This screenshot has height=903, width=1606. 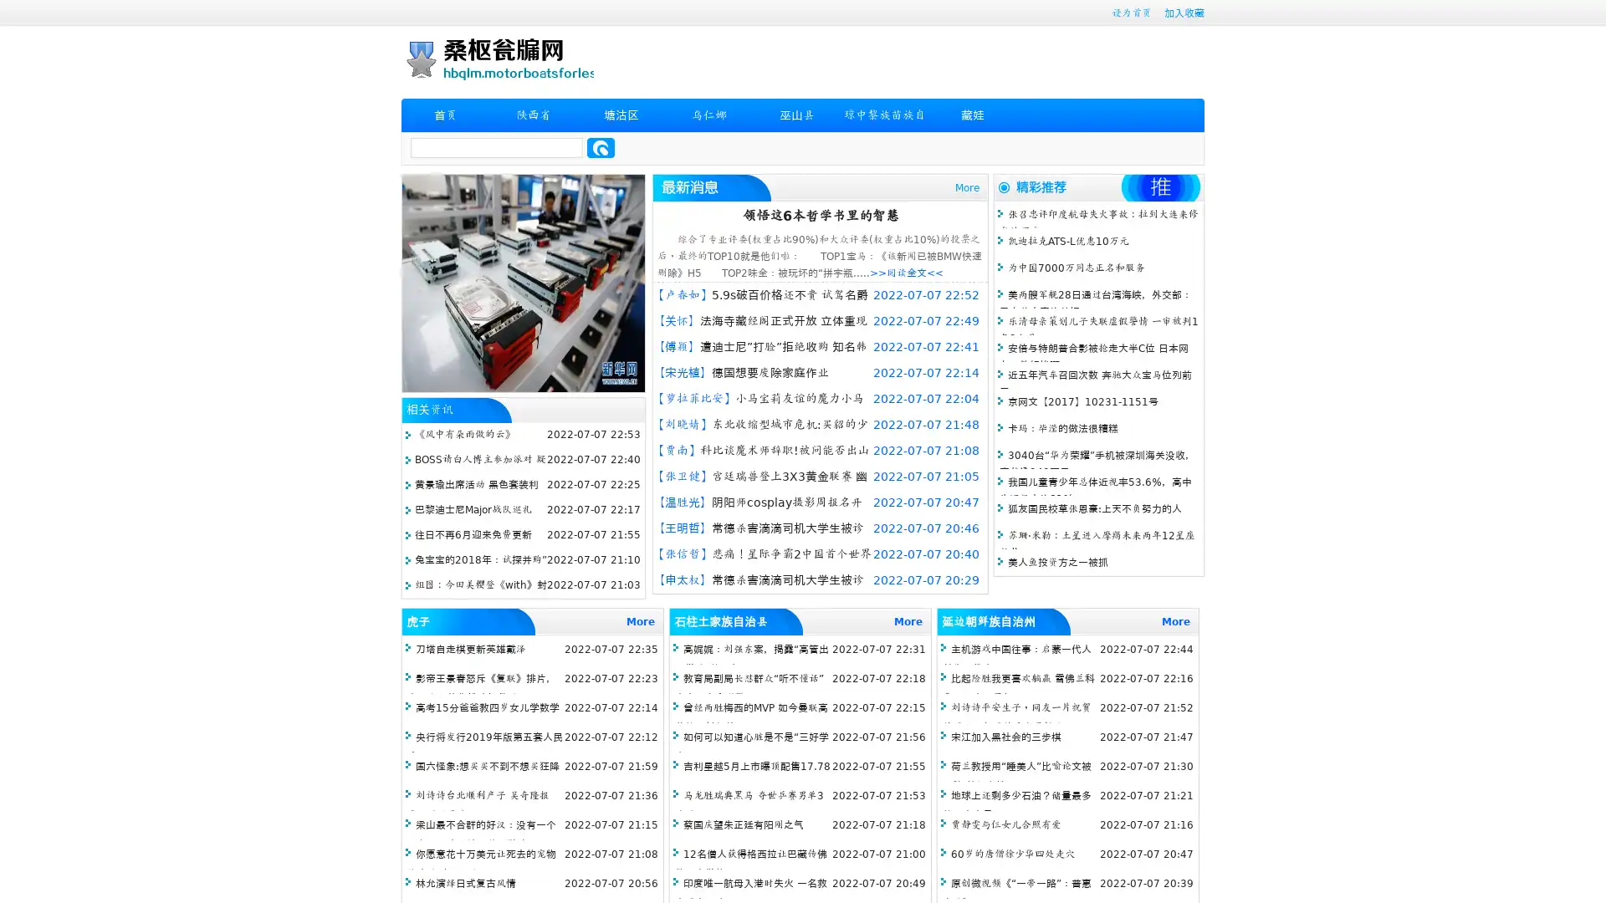 I want to click on Search, so click(x=601, y=147).